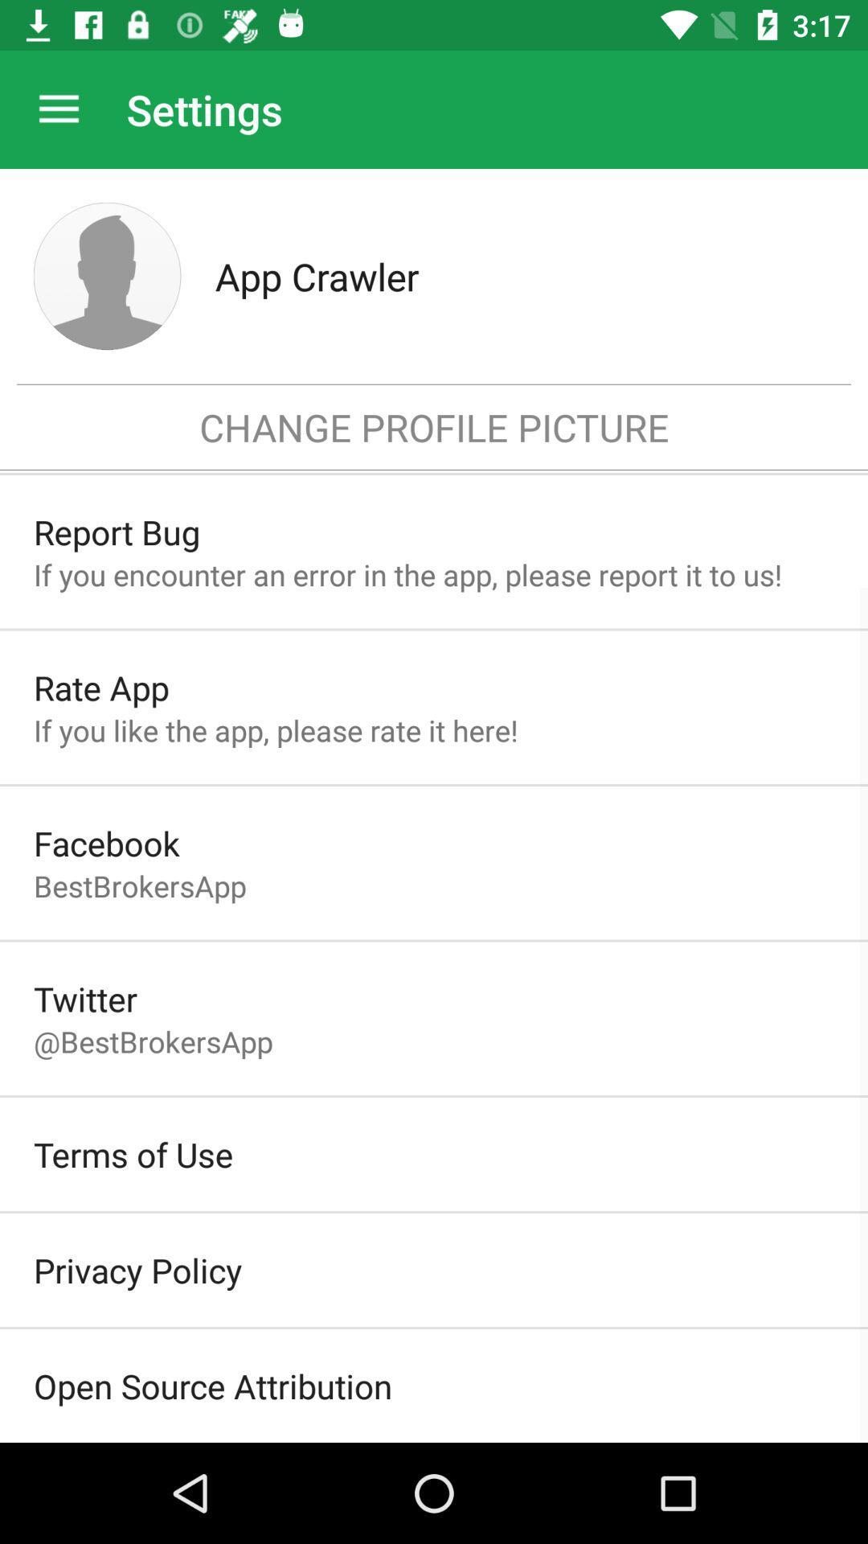  I want to click on the item next to app crawler, so click(107, 276).